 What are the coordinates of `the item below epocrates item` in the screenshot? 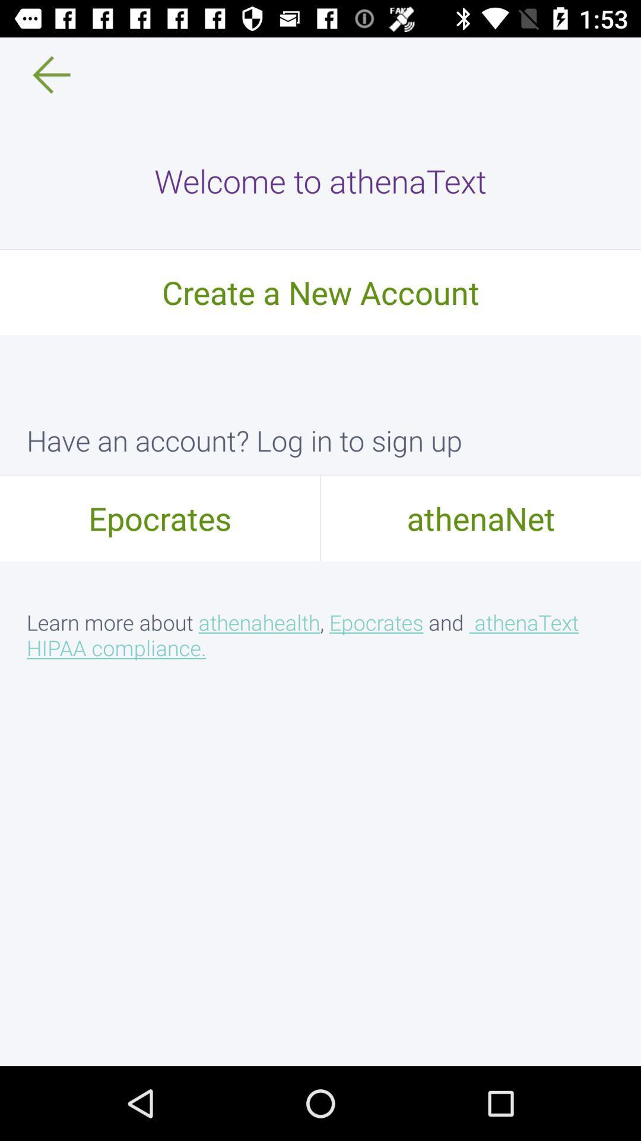 It's located at (320, 634).